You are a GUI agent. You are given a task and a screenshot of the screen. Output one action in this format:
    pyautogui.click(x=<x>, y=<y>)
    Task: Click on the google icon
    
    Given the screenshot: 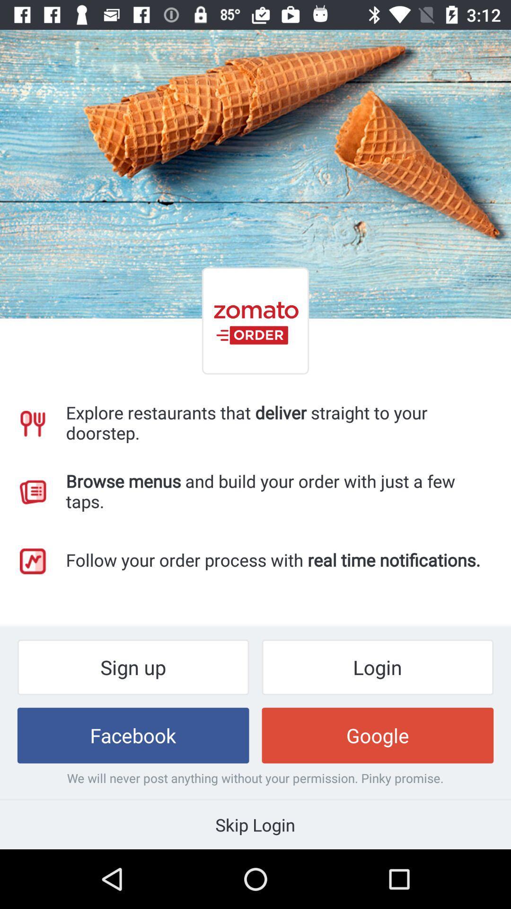 What is the action you would take?
    pyautogui.click(x=377, y=735)
    